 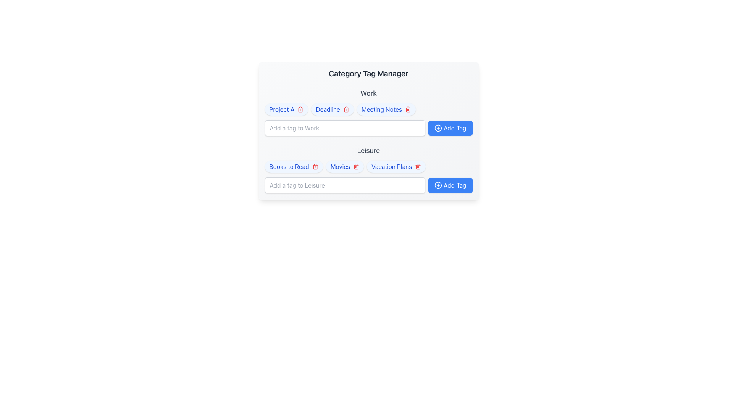 What do you see at coordinates (396, 166) in the screenshot?
I see `the trash icon on the light blue 'Vacation Plans' tag in the 'Leisure' section of the 'Category Tag Manager'` at bounding box center [396, 166].